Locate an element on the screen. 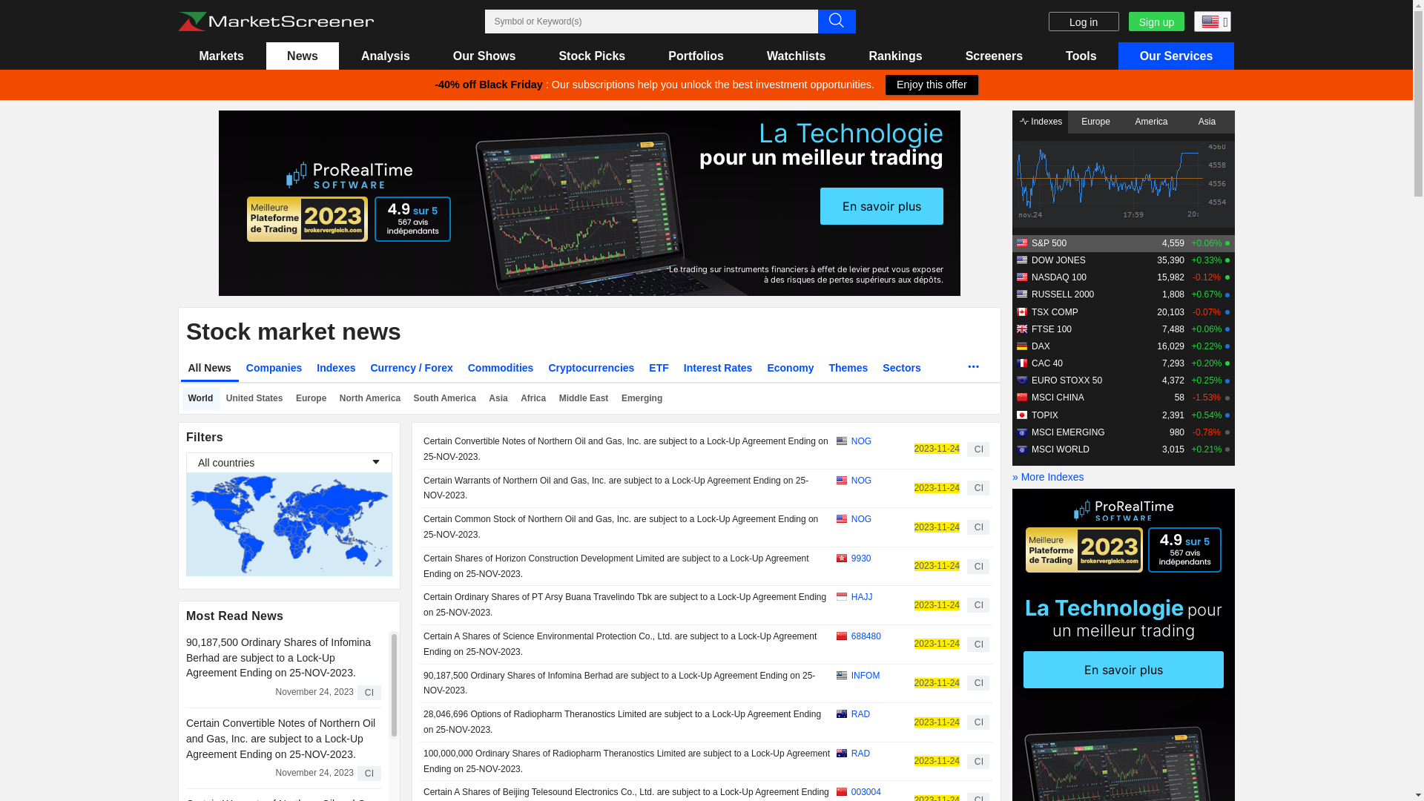 The height and width of the screenshot is (801, 1424). 'Most Read News' is located at coordinates (234, 616).